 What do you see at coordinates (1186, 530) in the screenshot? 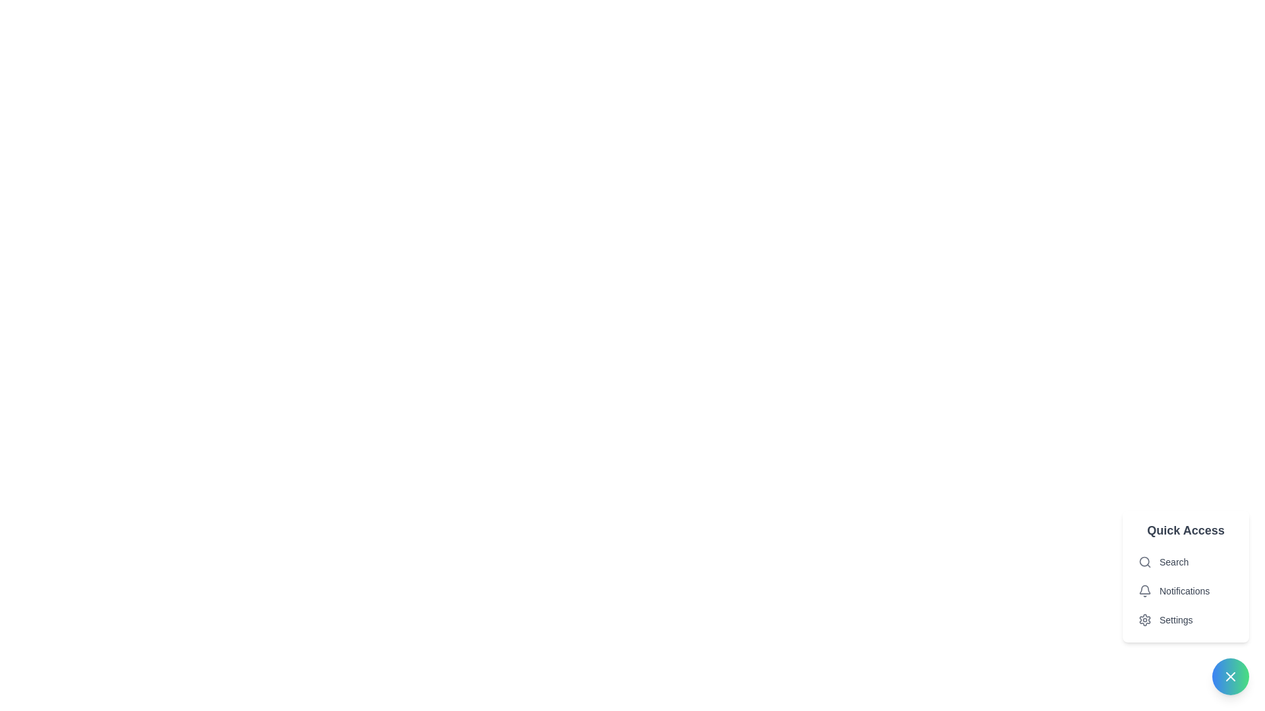
I see `the Text label that serves as the title or heading for the menu panel, located at the upper section of the vertically aligned menu panel on the bottom-right corner of the interface` at bounding box center [1186, 530].